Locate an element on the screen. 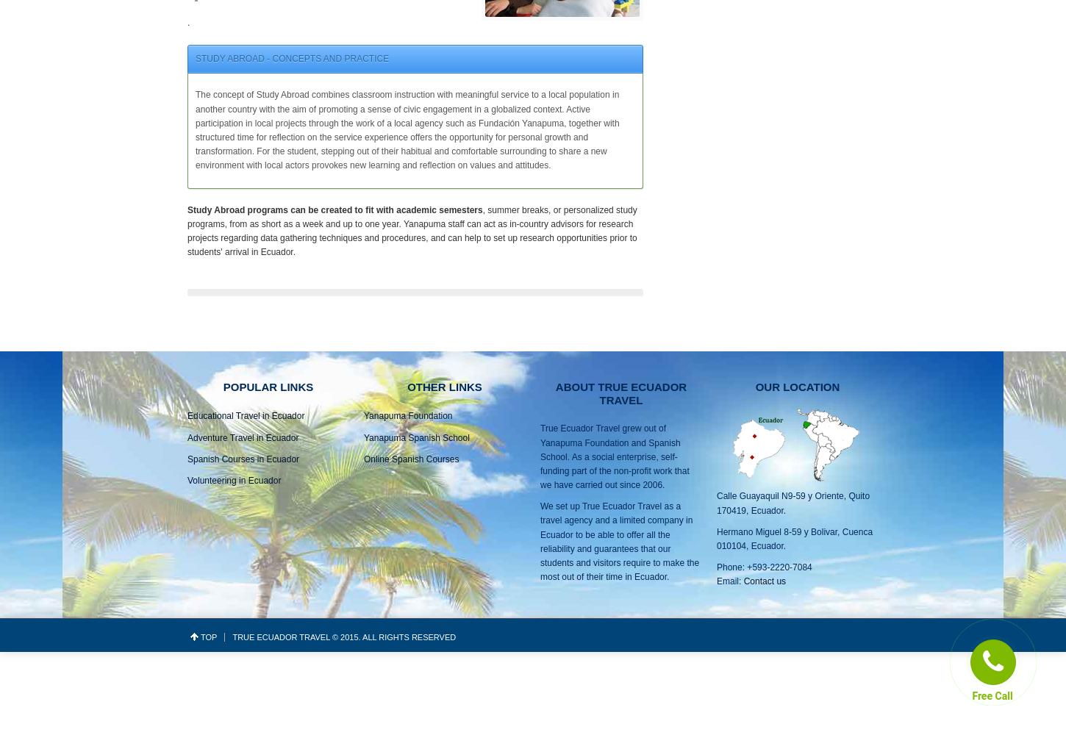 This screenshot has height=735, width=1066. ', summer breaks, or personalized study programs, from as short as a week and up to one year. Yanapuma staff can act as in-country advisors for research projects regarding data gathering techniques and procedures, and can help to set up research opportunities prior to students' arrival in Ecuador.' is located at coordinates (412, 230).